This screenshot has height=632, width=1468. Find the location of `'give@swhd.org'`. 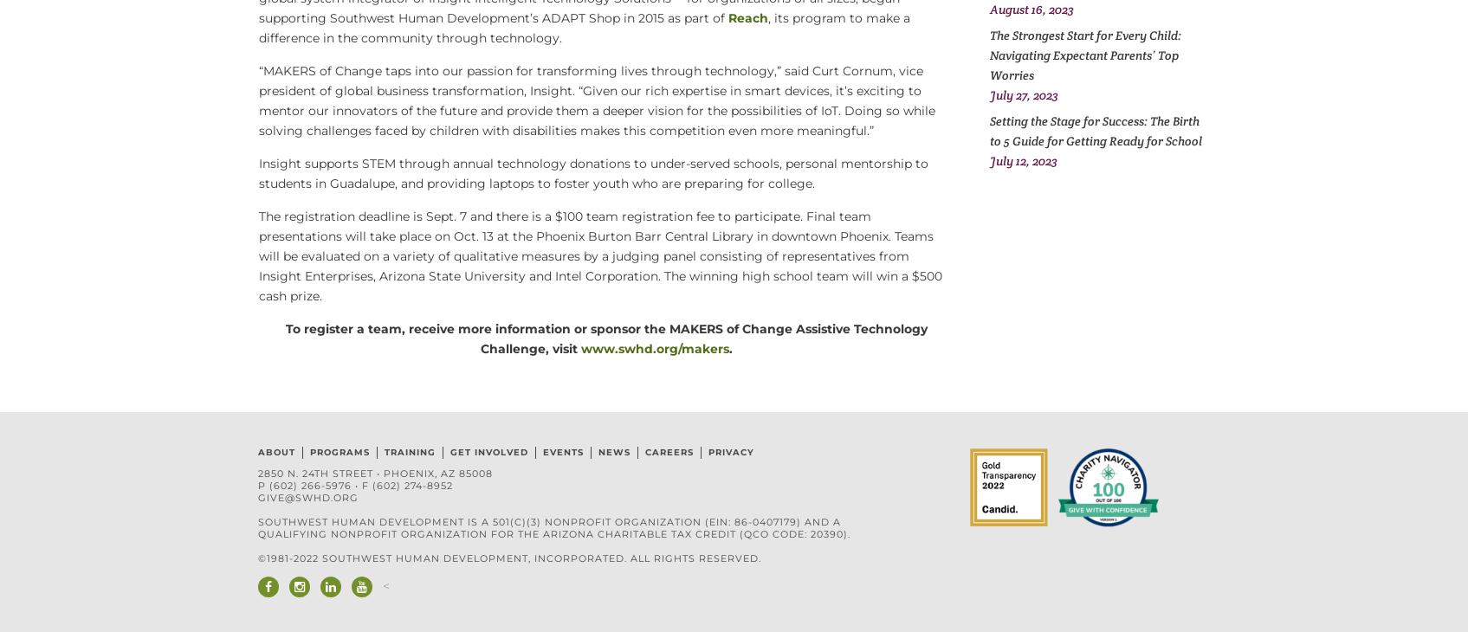

'give@swhd.org' is located at coordinates (306, 498).